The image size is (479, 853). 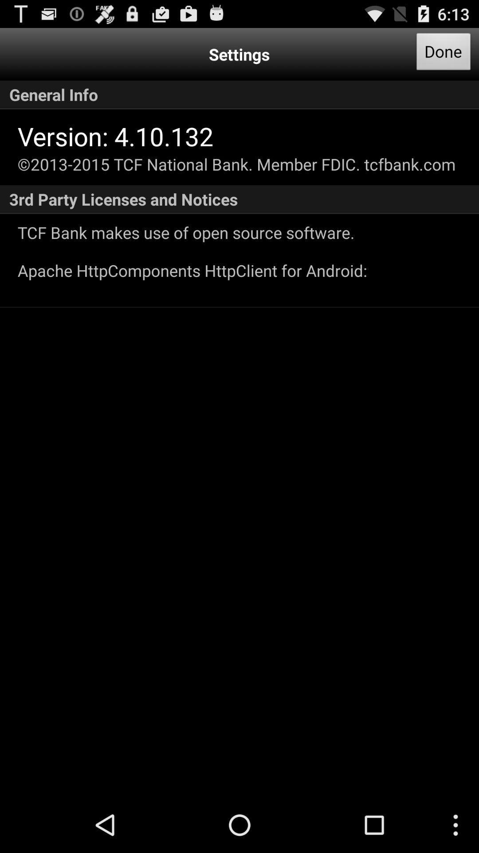 I want to click on item above version 4 10 app, so click(x=239, y=95).